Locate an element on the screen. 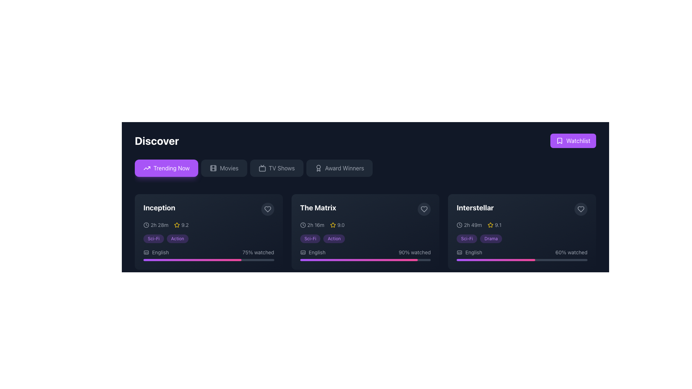 The height and width of the screenshot is (389, 692). upward trend arrow vector graphic located in the 'Trending Now' section, characterized by its minimalistic design and monochrome color scheme is located at coordinates (147, 168).